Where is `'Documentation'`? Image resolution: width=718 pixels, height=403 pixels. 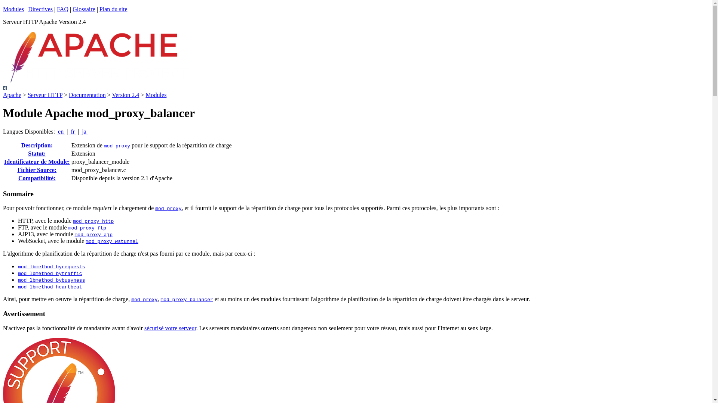
'Documentation' is located at coordinates (87, 94).